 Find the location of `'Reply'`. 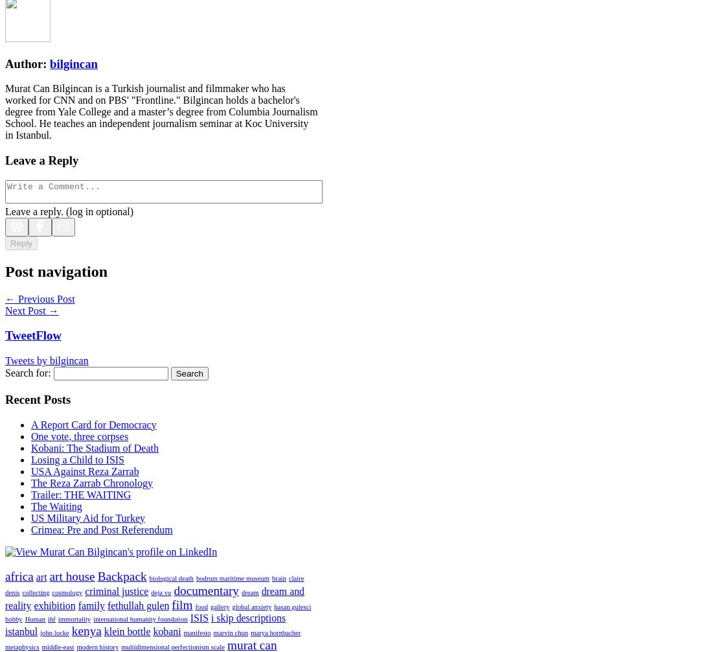

'Reply' is located at coordinates (21, 242).